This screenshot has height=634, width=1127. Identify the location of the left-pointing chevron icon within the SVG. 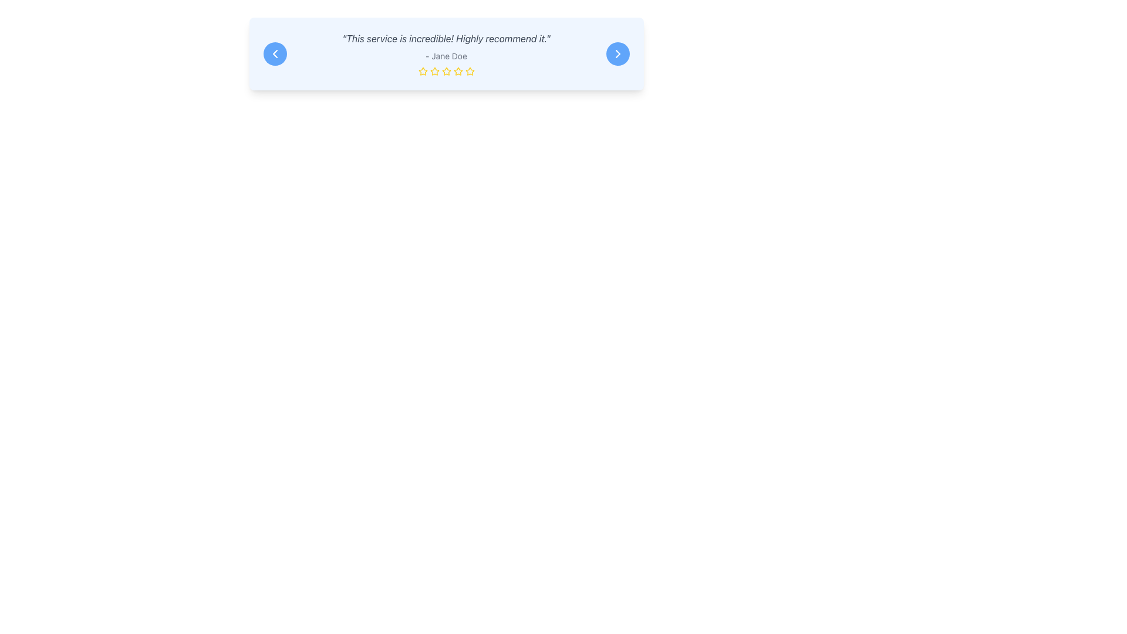
(274, 54).